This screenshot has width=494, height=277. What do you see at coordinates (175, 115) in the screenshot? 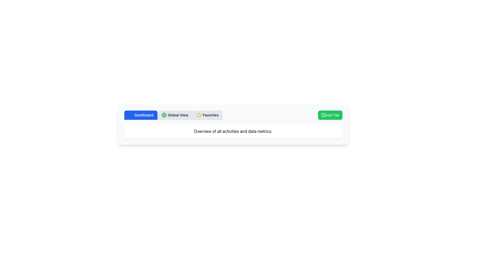
I see `the 'Global View' button` at bounding box center [175, 115].